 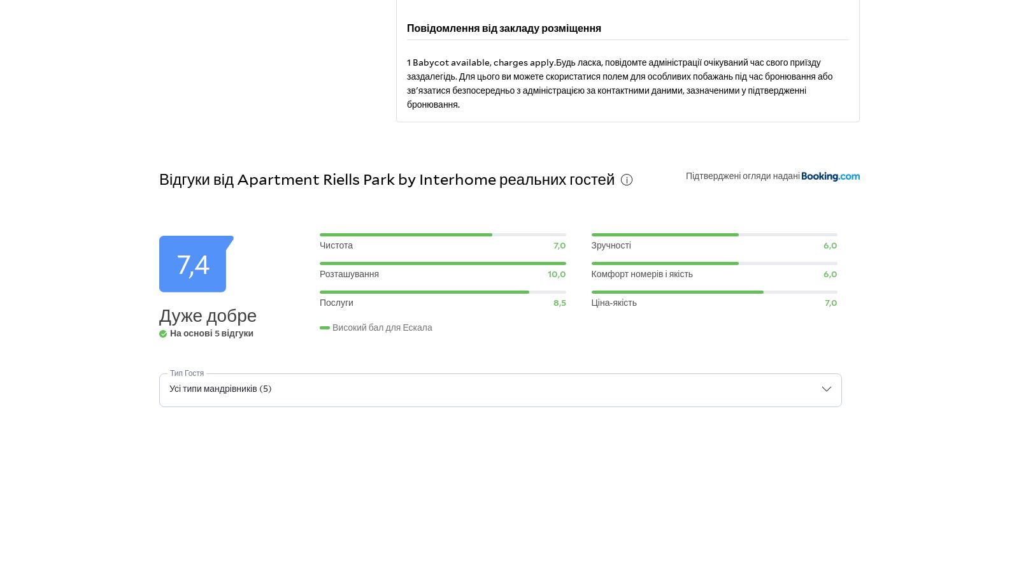 What do you see at coordinates (192, 264) in the screenshot?
I see `'7,4'` at bounding box center [192, 264].